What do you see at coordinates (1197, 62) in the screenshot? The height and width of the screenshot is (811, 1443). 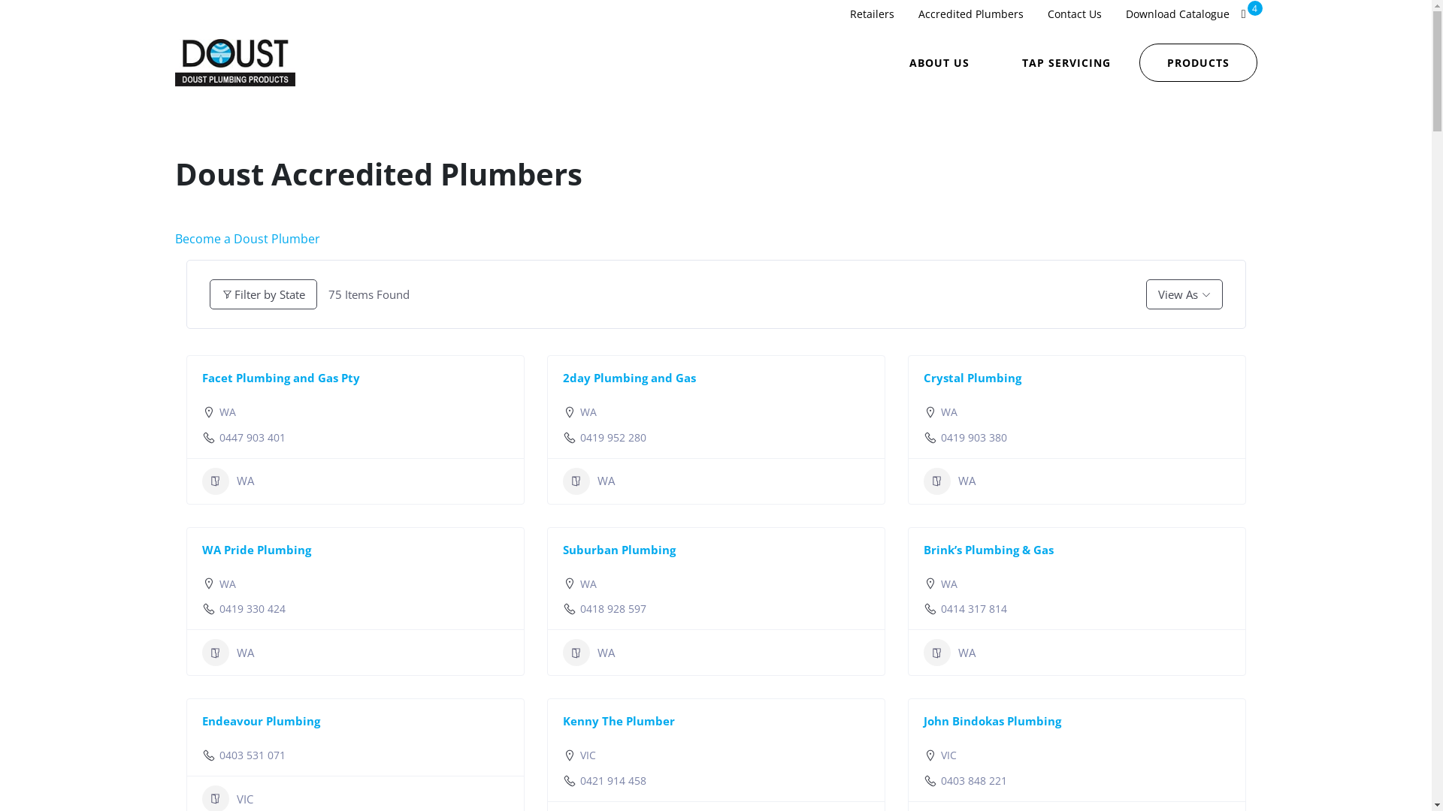 I see `'PRODUCTS'` at bounding box center [1197, 62].